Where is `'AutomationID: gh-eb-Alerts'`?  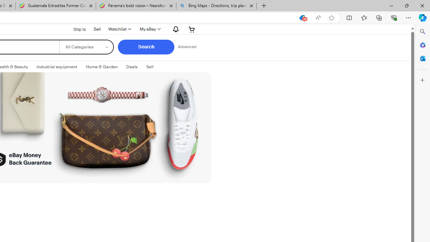
'AutomationID: gh-eb-Alerts' is located at coordinates (175, 29).